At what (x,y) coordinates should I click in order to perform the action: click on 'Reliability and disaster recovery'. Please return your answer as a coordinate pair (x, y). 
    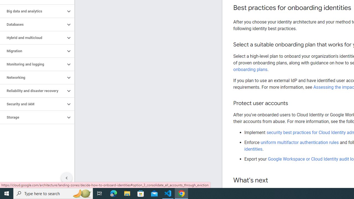
    Looking at the image, I should click on (32, 91).